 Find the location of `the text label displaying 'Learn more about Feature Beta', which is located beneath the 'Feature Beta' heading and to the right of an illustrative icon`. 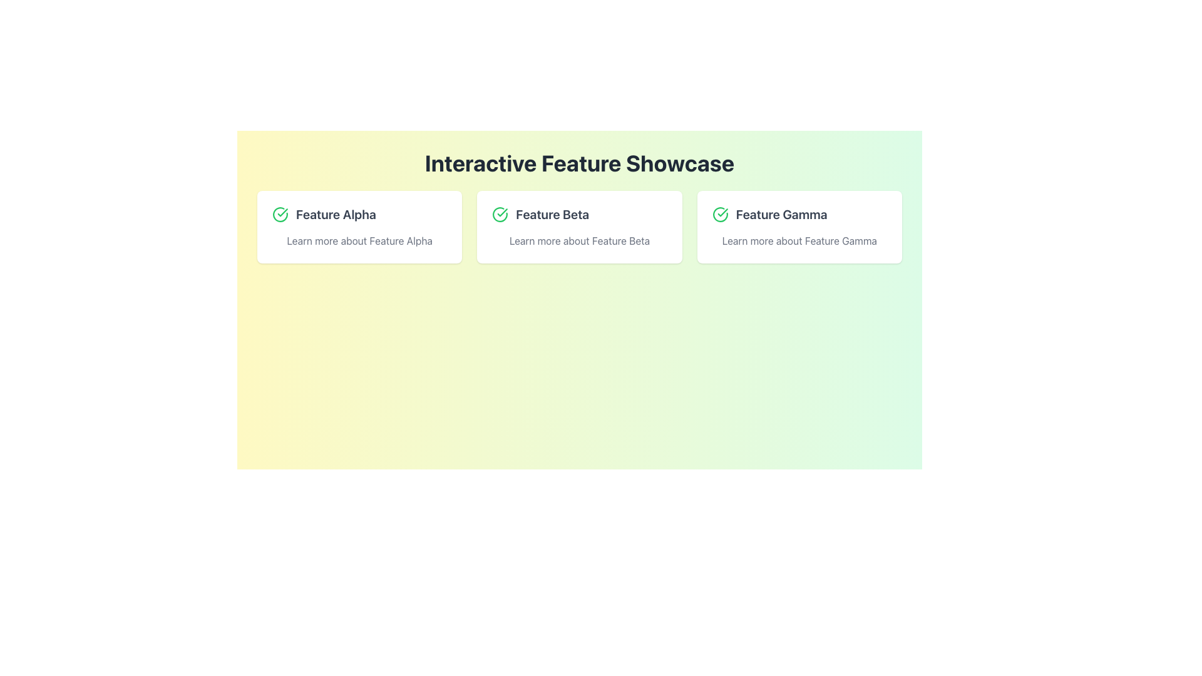

the text label displaying 'Learn more about Feature Beta', which is located beneath the 'Feature Beta' heading and to the right of an illustrative icon is located at coordinates (579, 241).